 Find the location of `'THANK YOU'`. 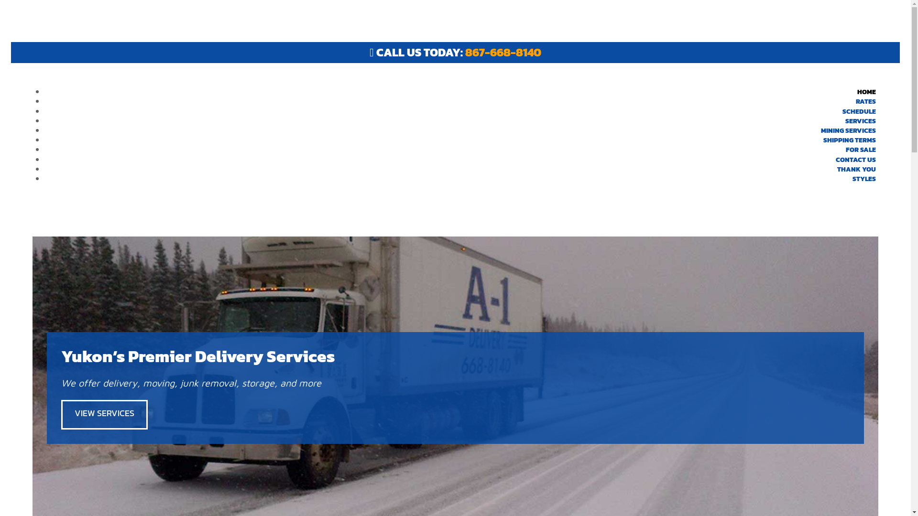

'THANK YOU' is located at coordinates (827, 169).